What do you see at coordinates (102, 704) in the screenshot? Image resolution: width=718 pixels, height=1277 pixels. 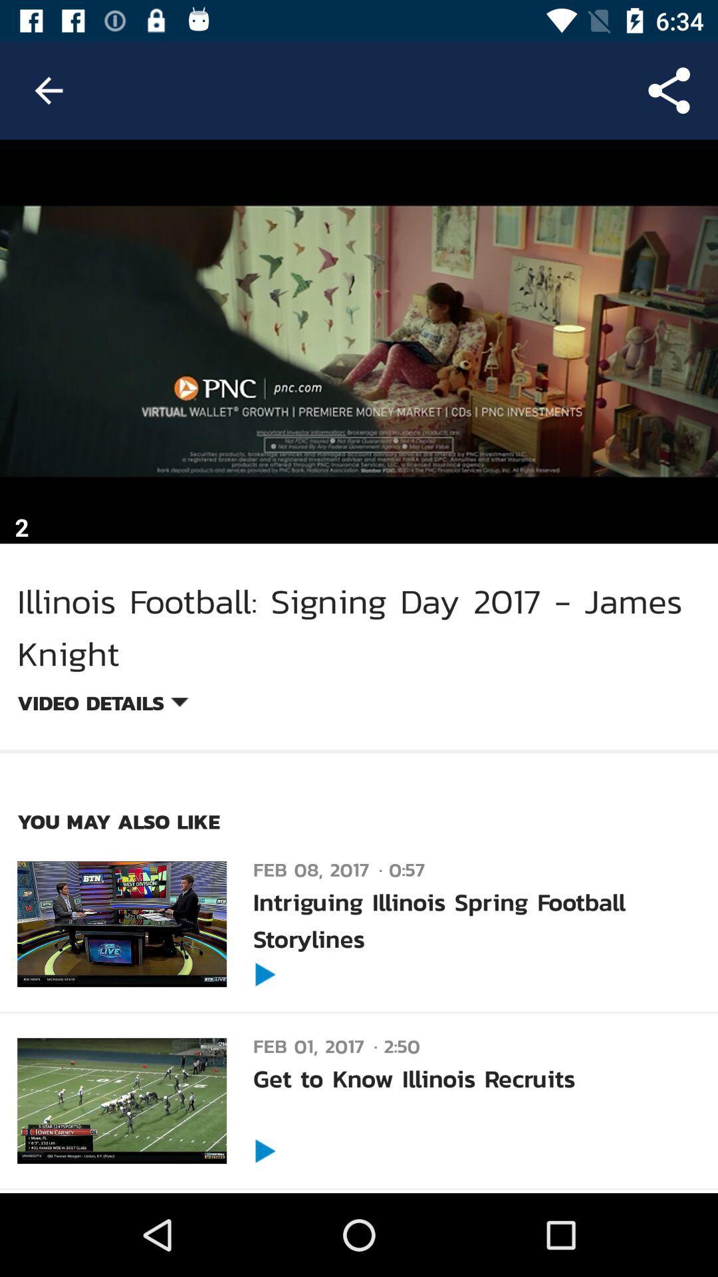 I see `item below illinois football signing item` at bounding box center [102, 704].